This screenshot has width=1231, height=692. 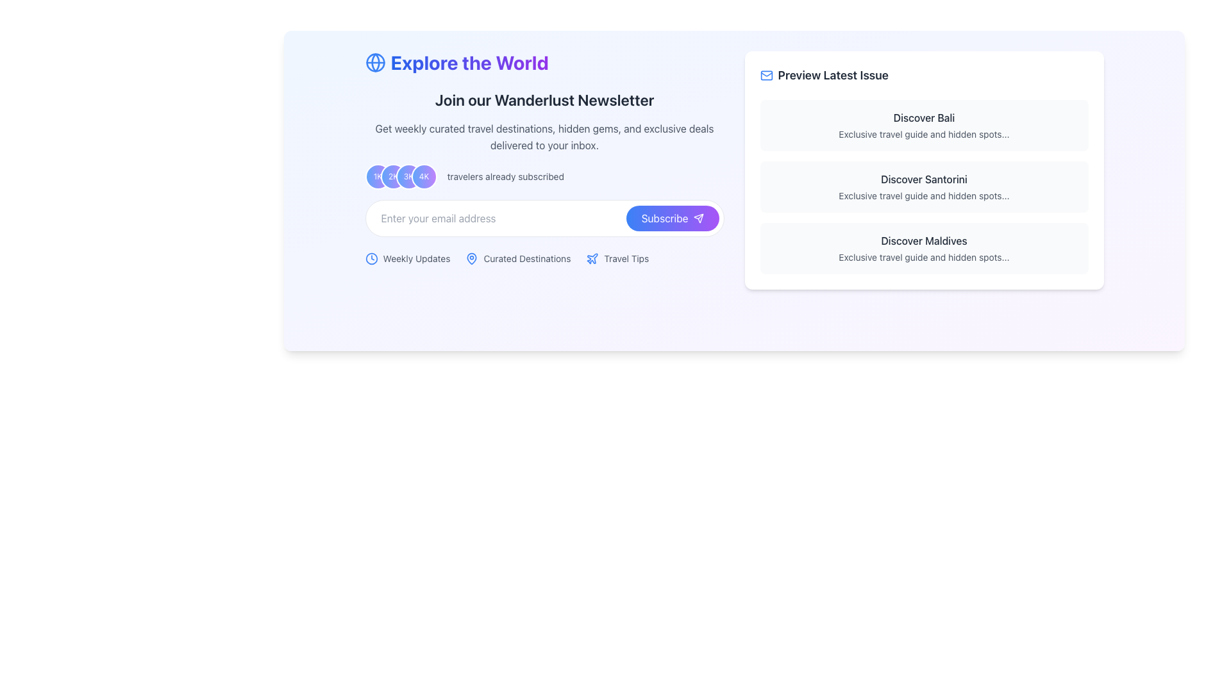 I want to click on the decorative component of the envelope icon located to the right of the 'Subscribe' button, which symbolizes email functionality, so click(x=766, y=74).